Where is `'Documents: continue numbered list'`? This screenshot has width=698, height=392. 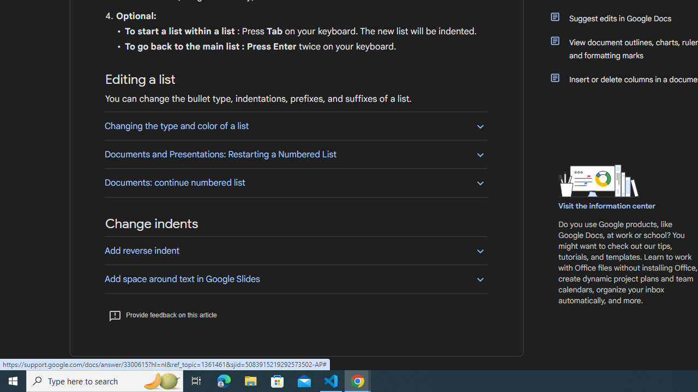 'Documents: continue numbered list' is located at coordinates (296, 182).